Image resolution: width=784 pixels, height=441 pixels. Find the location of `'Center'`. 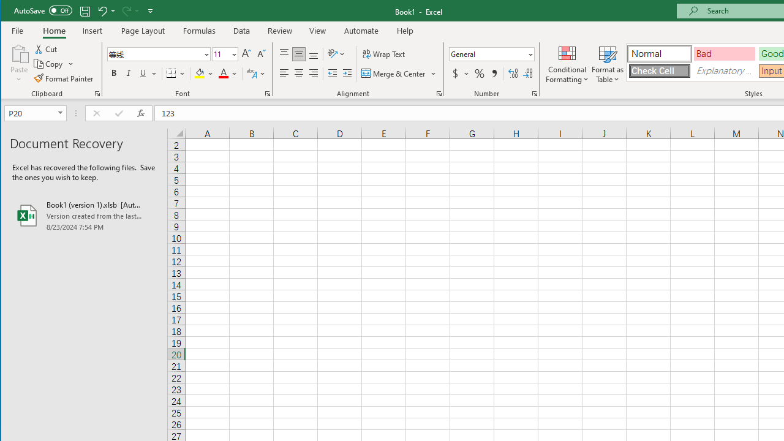

'Center' is located at coordinates (299, 73).